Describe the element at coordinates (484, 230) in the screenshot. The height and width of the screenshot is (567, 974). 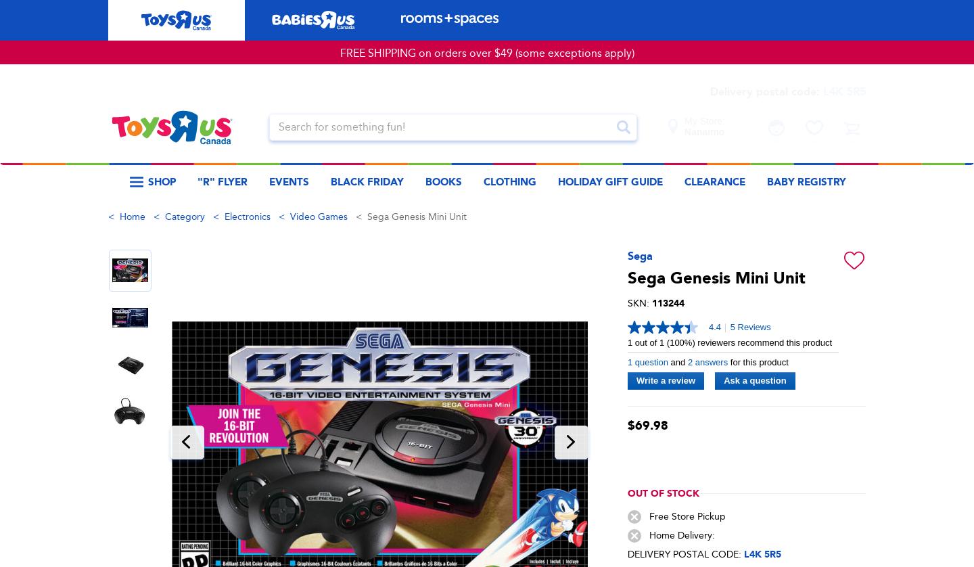
I see `'Checking your Gift Card balance is easy. Simply enter in your Gift Card number and PIN and click'` at that location.